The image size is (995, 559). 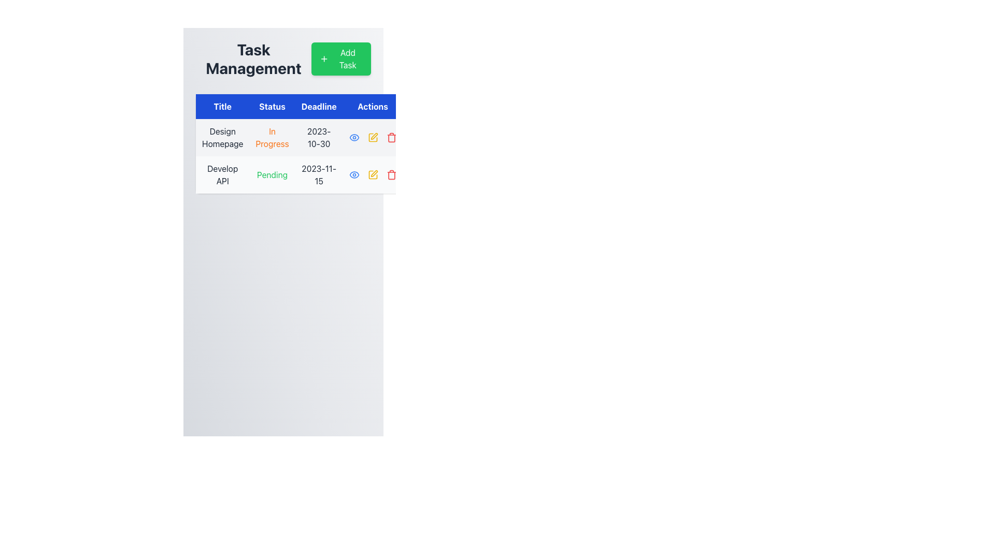 What do you see at coordinates (298, 156) in the screenshot?
I see `the text details of the first row in the task management table, which includes the title, status, deadline, and available actions` at bounding box center [298, 156].